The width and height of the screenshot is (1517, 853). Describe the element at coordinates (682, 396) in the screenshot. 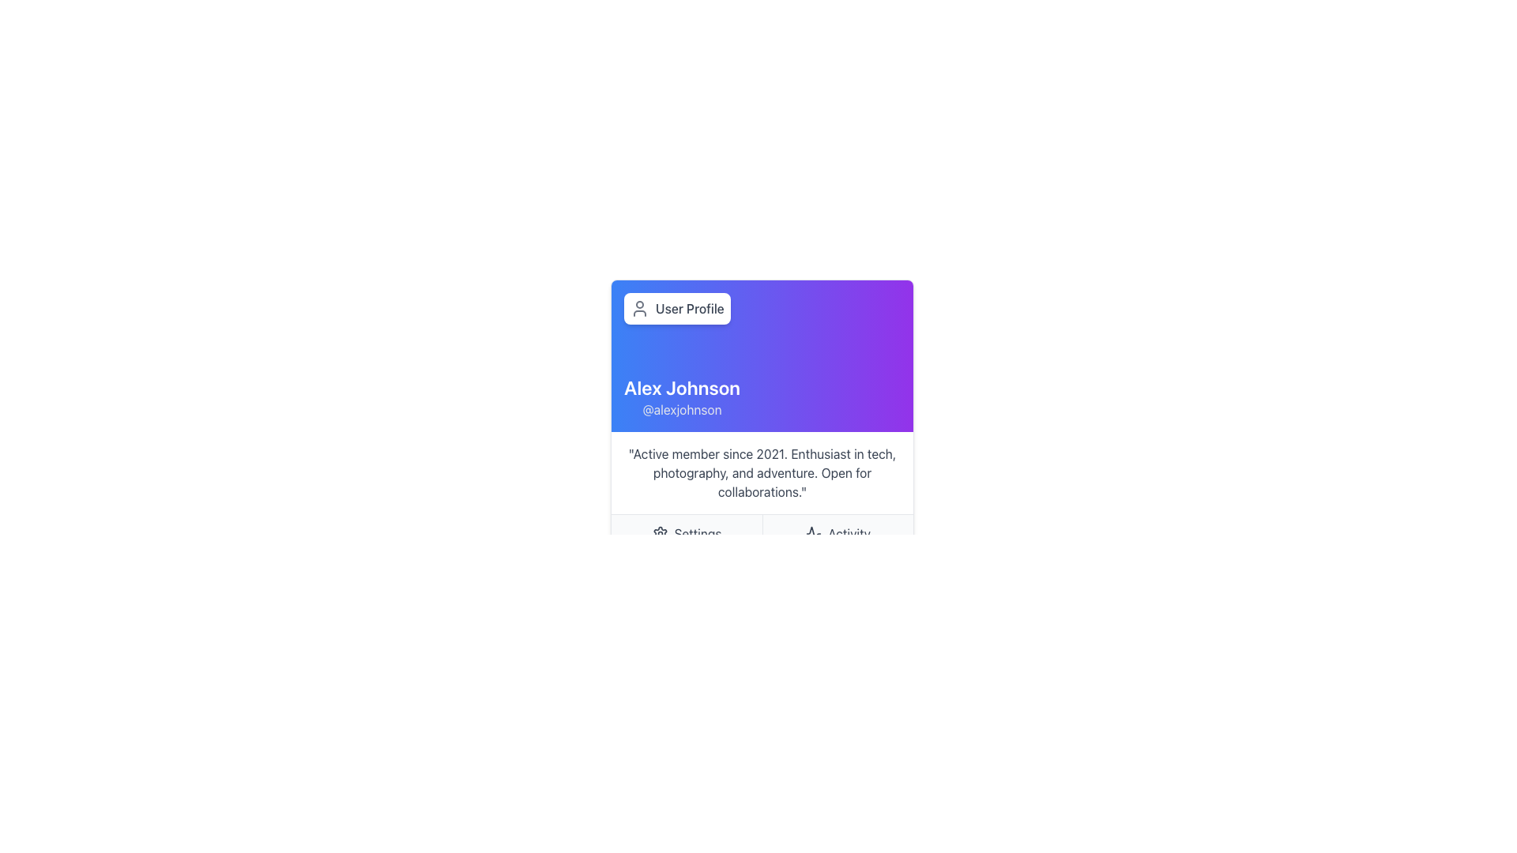

I see `the Text Display element that shows the user’s name and username, positioned near the bottom-left corner of a gradient-colored section, below the 'User Profile' badge and above a descriptive paragraph` at that location.